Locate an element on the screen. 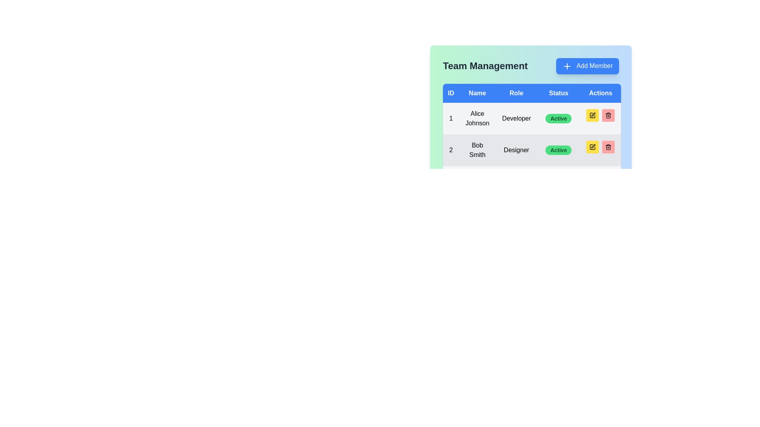  the text label displaying 'Developer' in bold font located in the table under the 'Role' column for the first row corresponding to 'Alice Johnson' is located at coordinates (516, 118).